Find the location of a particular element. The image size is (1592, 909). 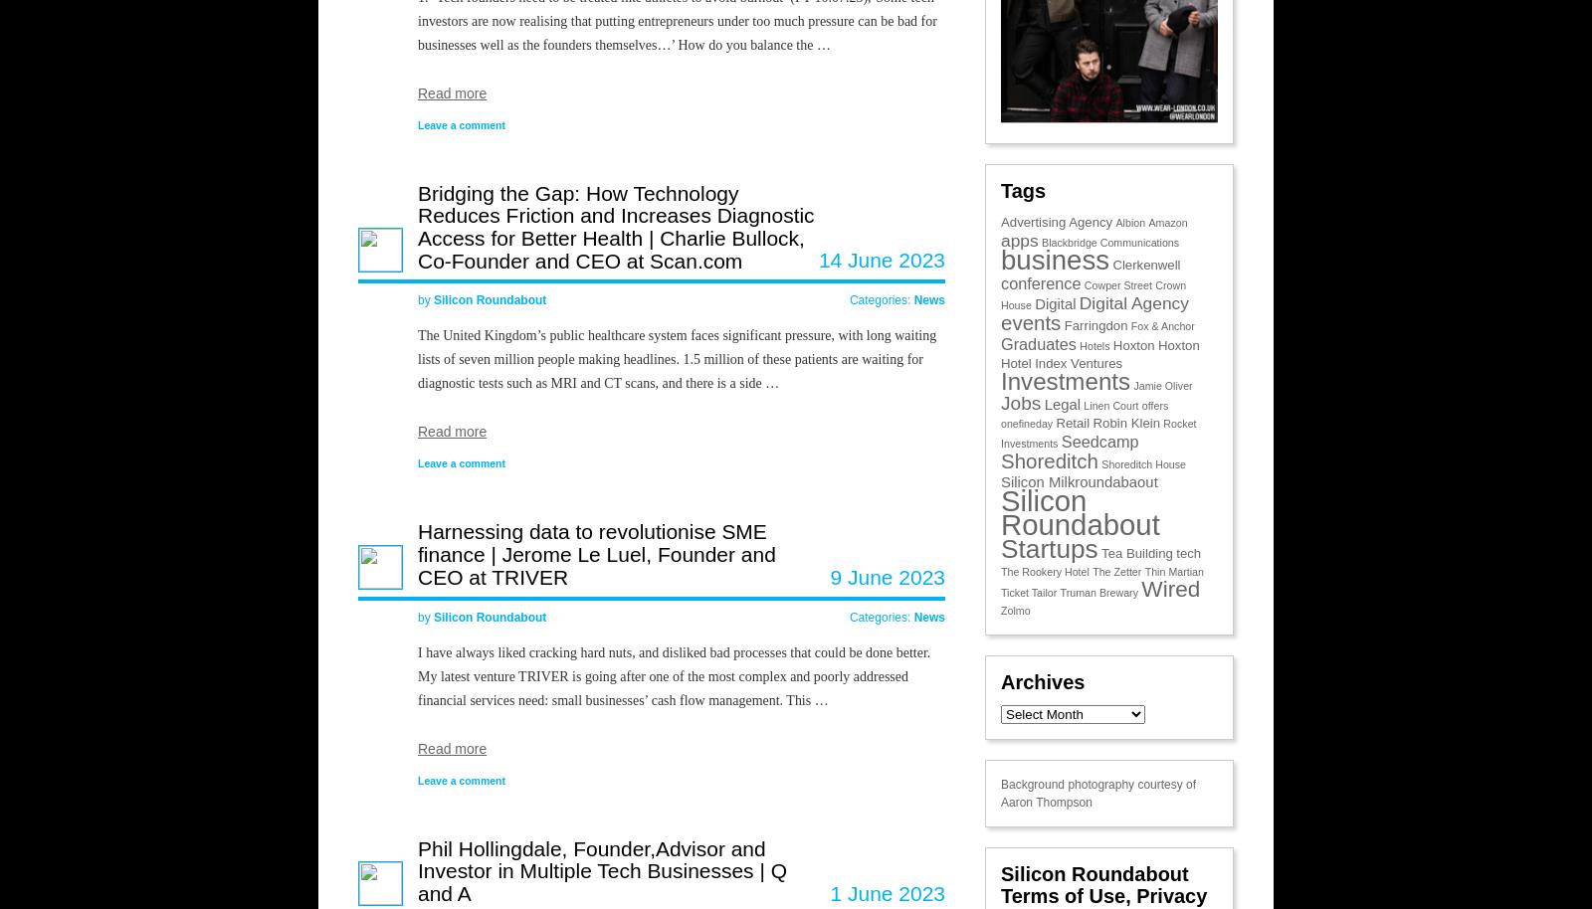

'The United Kingdom’s public healthcare system faces significant pressure, with long waiting lists of seven million people making headlines. 1.5 million of these patients are waiting for diagnostic tests such as MRI and CT scans, and there is a side …' is located at coordinates (677, 358).